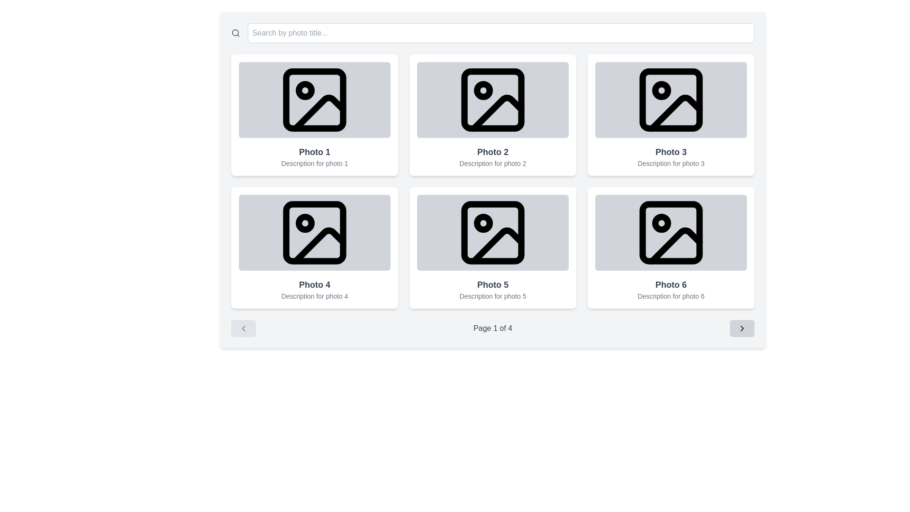  What do you see at coordinates (493, 100) in the screenshot?
I see `the image placeholder icon, which is an illustration of a picture frame with a gray background, located above the text 'Photo 2' and 'Description for photo 2'` at bounding box center [493, 100].